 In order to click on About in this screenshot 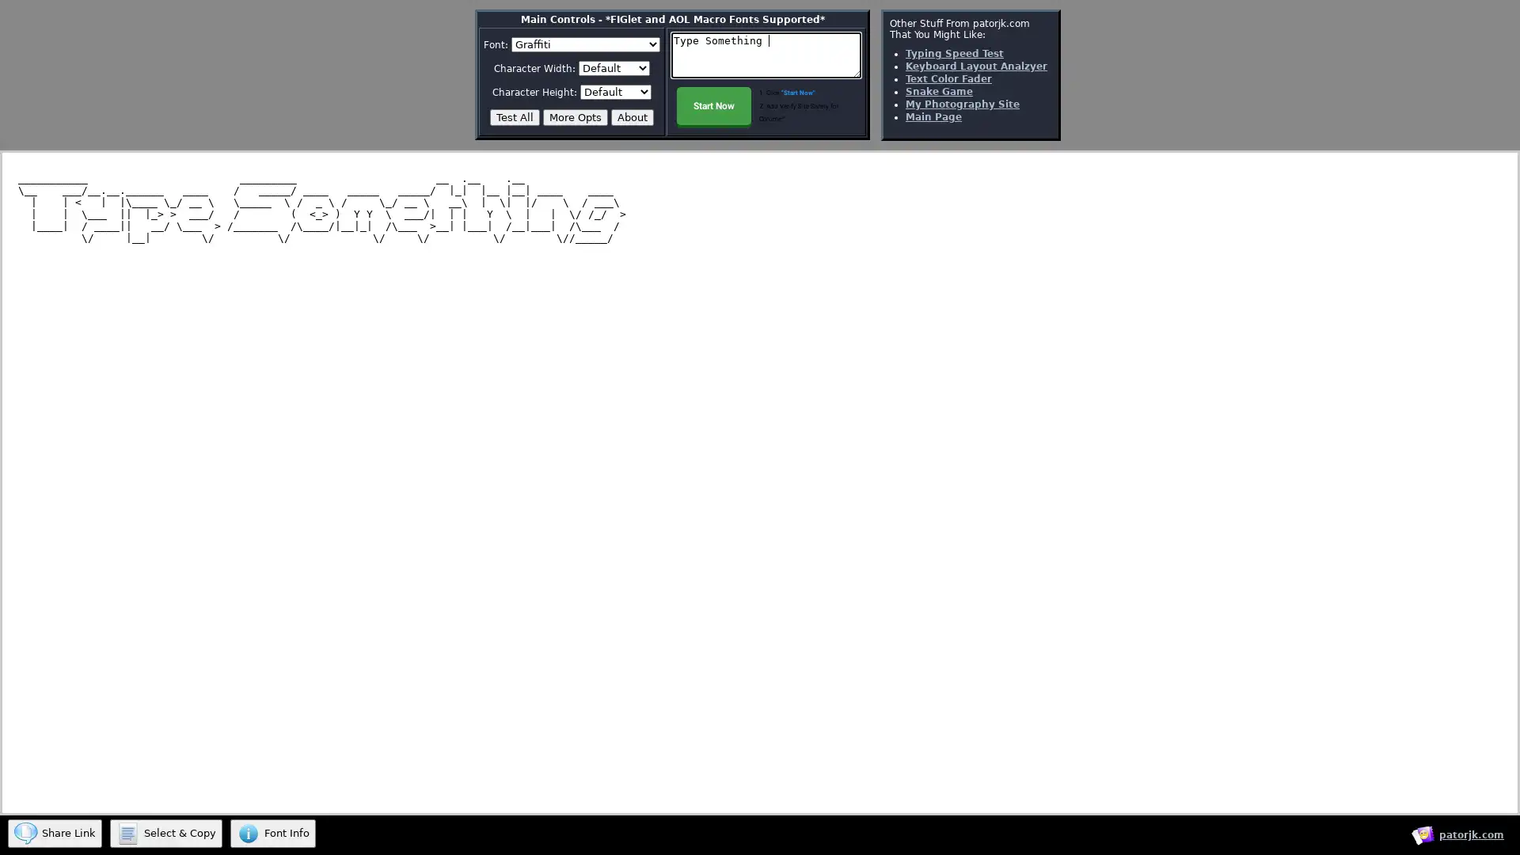, I will do `click(631, 116)`.